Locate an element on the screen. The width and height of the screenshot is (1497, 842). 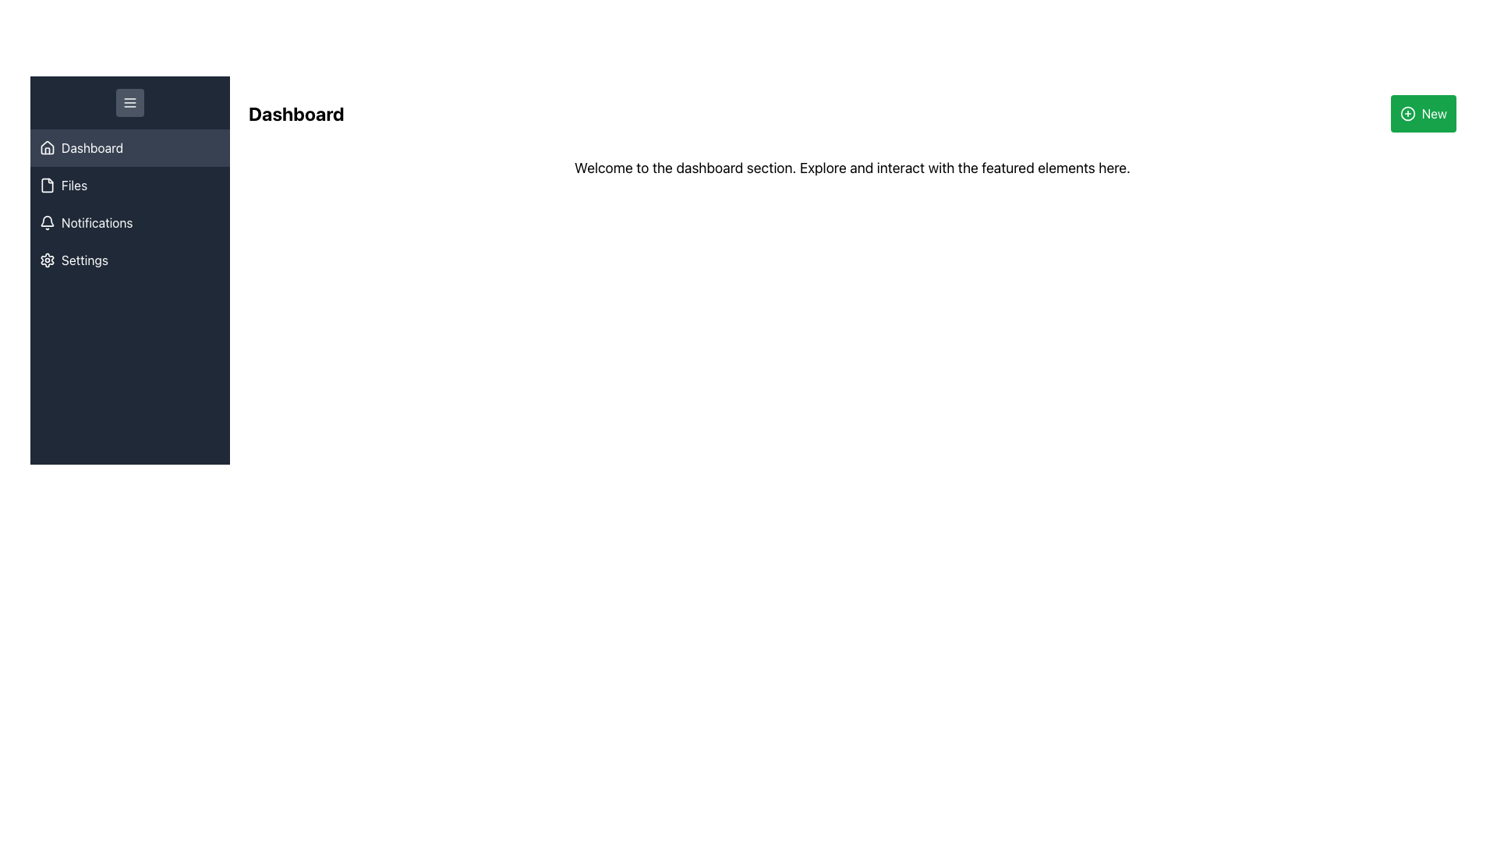
the menu toggle button located at the top of the side navigation bar is located at coordinates (130, 102).